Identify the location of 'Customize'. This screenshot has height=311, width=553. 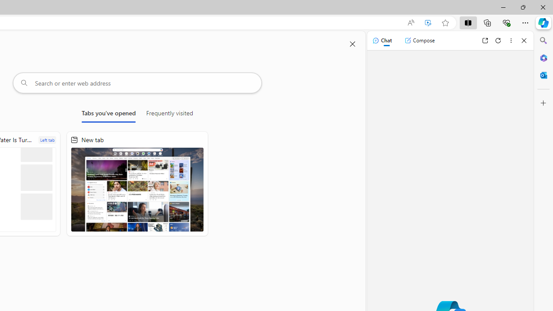
(543, 103).